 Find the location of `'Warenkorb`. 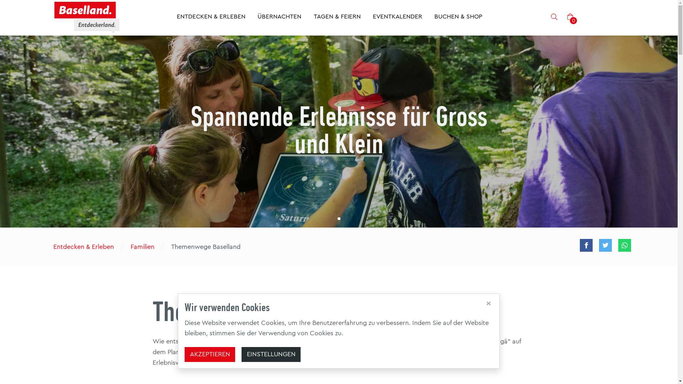

'Warenkorb is located at coordinates (570, 17).